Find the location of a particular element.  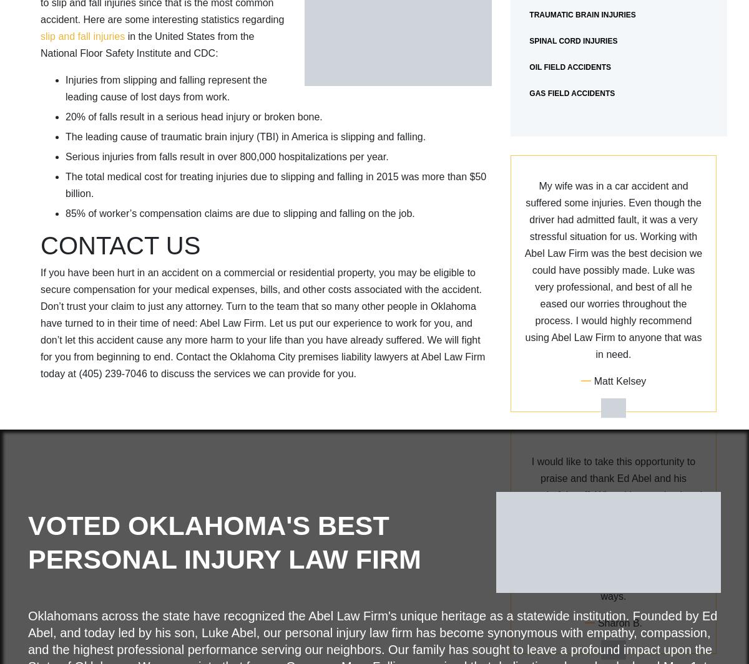

'Kasey Ball' is located at coordinates (620, 590).